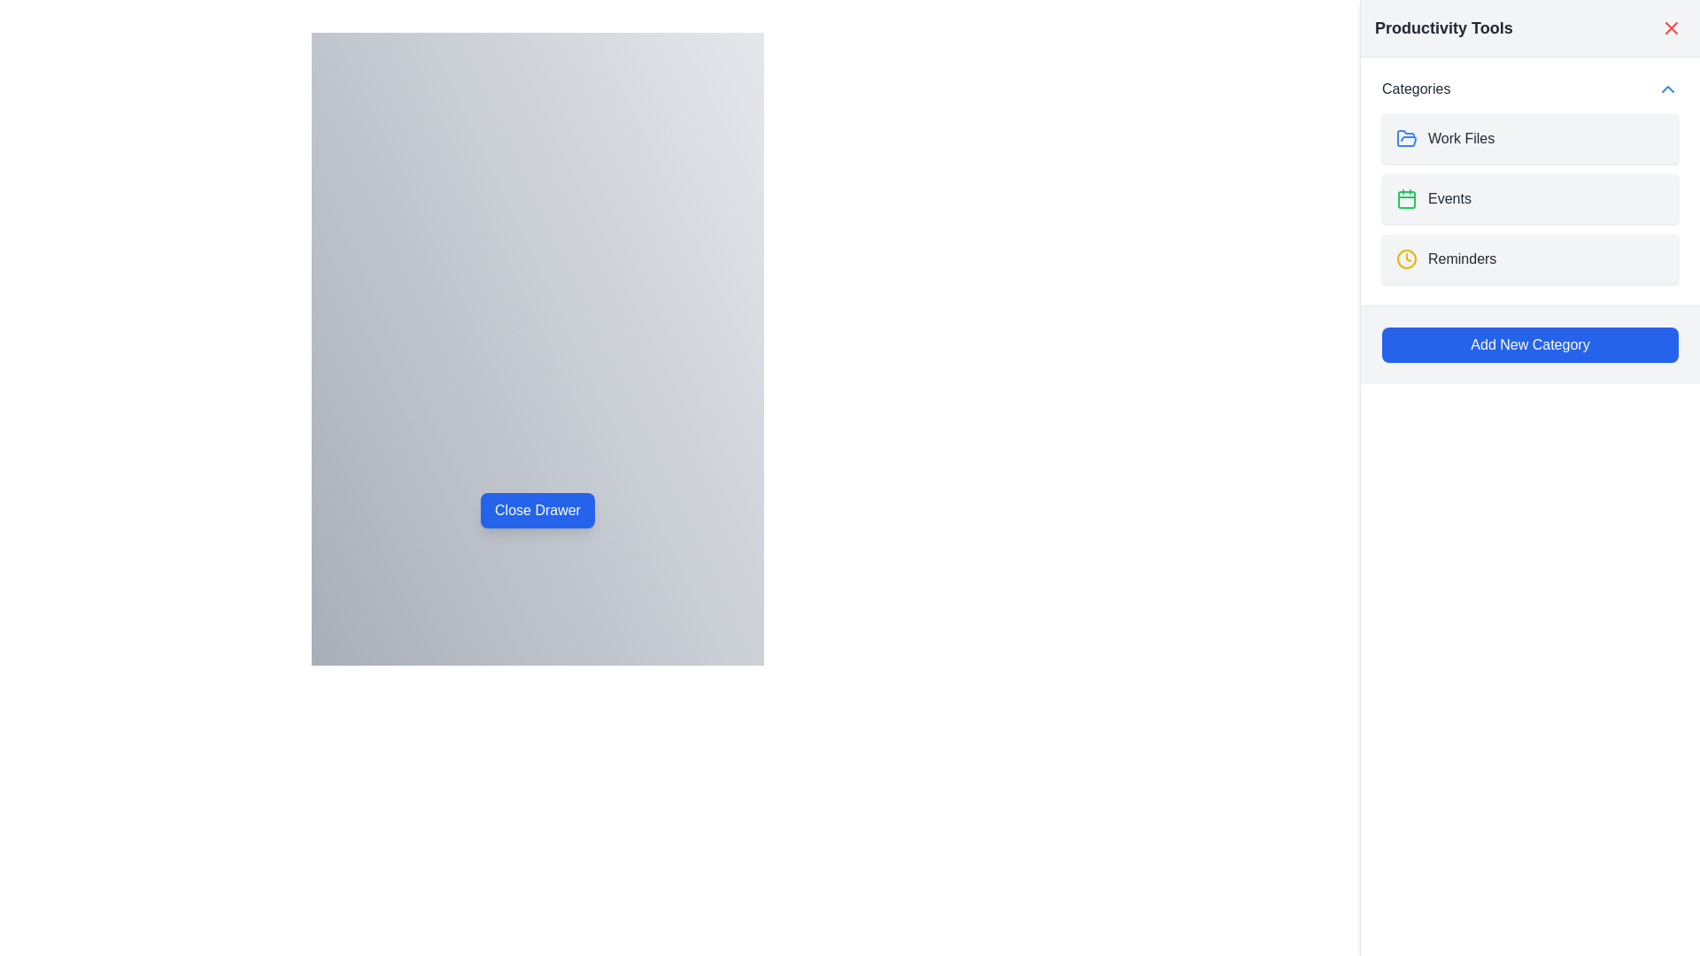 This screenshot has width=1700, height=956. I want to click on the 'Work Files' text label styled in gray, located next to a blue folder icon within the first item of the 'Categories' section on the right-side panel, so click(1461, 138).